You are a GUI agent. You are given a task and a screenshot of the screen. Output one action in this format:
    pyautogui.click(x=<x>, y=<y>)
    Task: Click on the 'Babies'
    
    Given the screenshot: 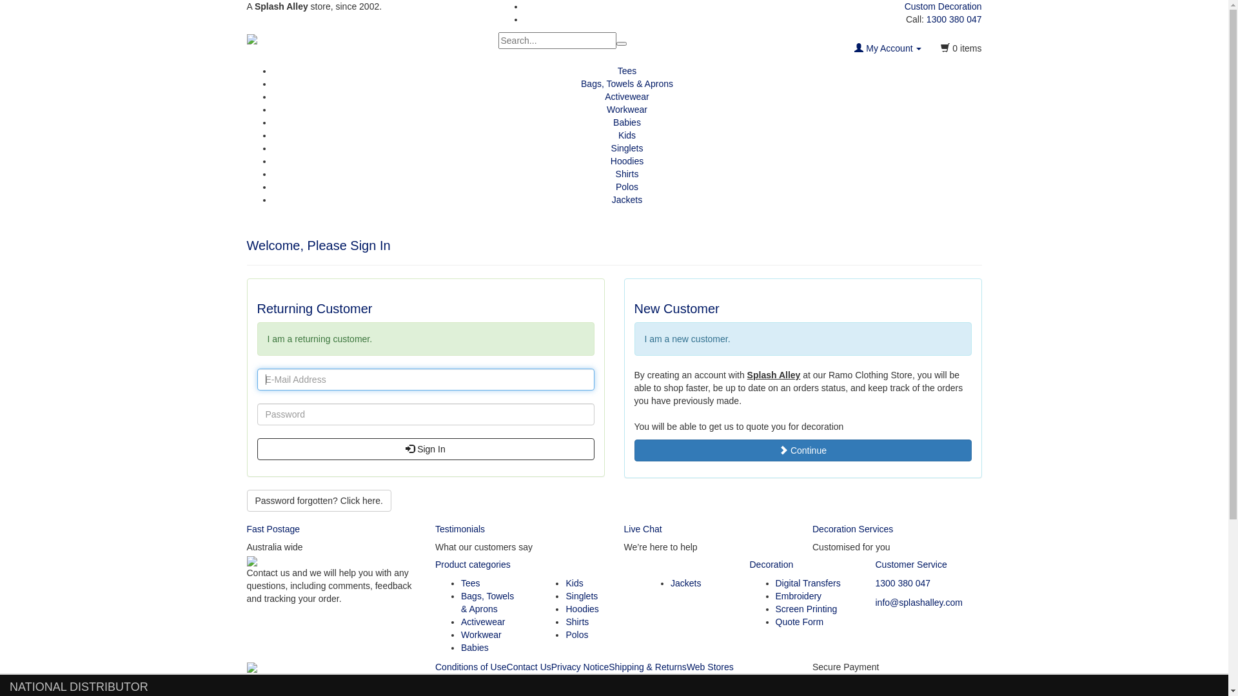 What is the action you would take?
    pyautogui.click(x=474, y=648)
    